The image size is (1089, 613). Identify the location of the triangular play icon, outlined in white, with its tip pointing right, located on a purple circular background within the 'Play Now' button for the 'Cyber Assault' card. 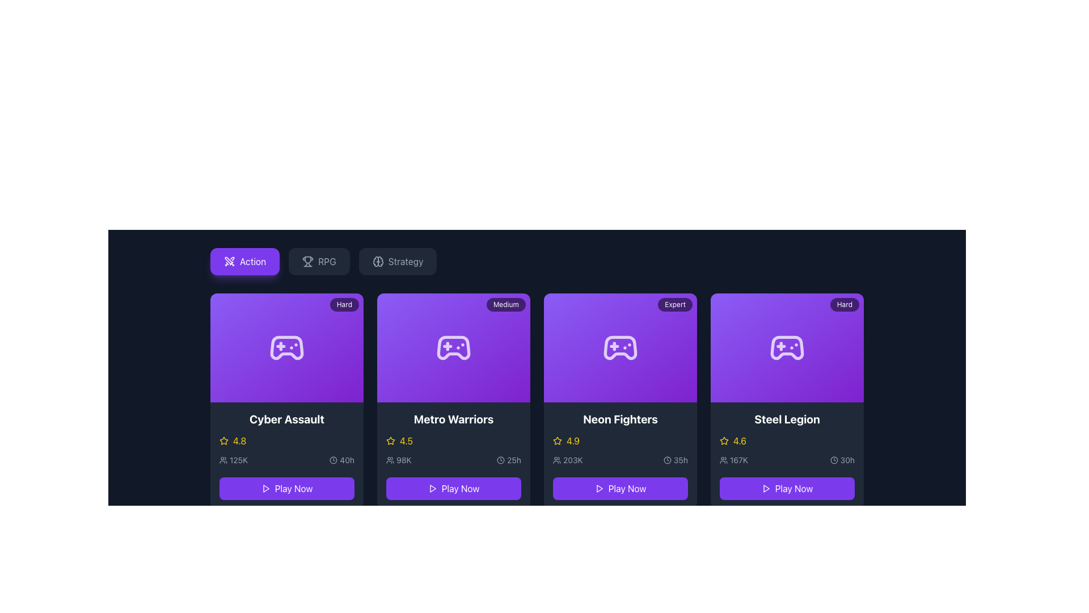
(265, 488).